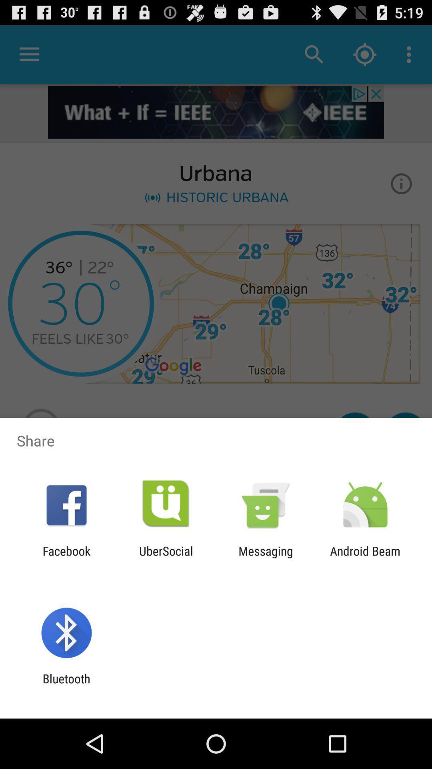 The width and height of the screenshot is (432, 769). What do you see at coordinates (266, 558) in the screenshot?
I see `item next to ubersocial app` at bounding box center [266, 558].